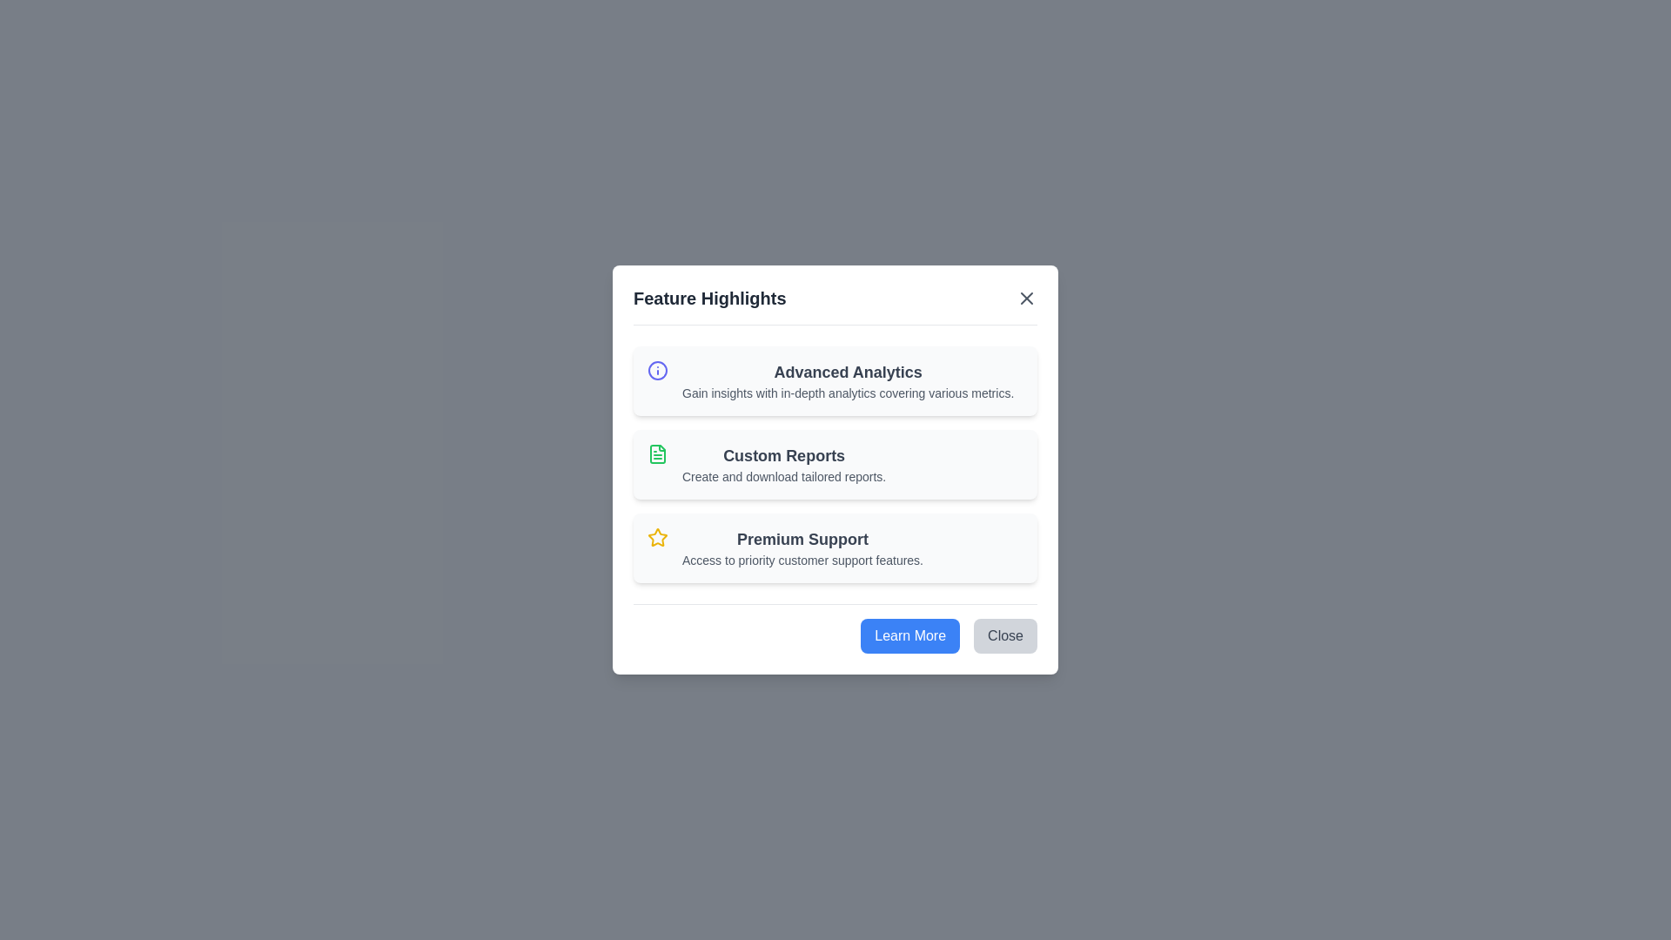 The image size is (1671, 940). Describe the element at coordinates (835, 463) in the screenshot. I see `the informational panel that provides details about the custom report feature, positioned between 'Advanced Analytics' and 'Premium Support' in the modal window` at that location.